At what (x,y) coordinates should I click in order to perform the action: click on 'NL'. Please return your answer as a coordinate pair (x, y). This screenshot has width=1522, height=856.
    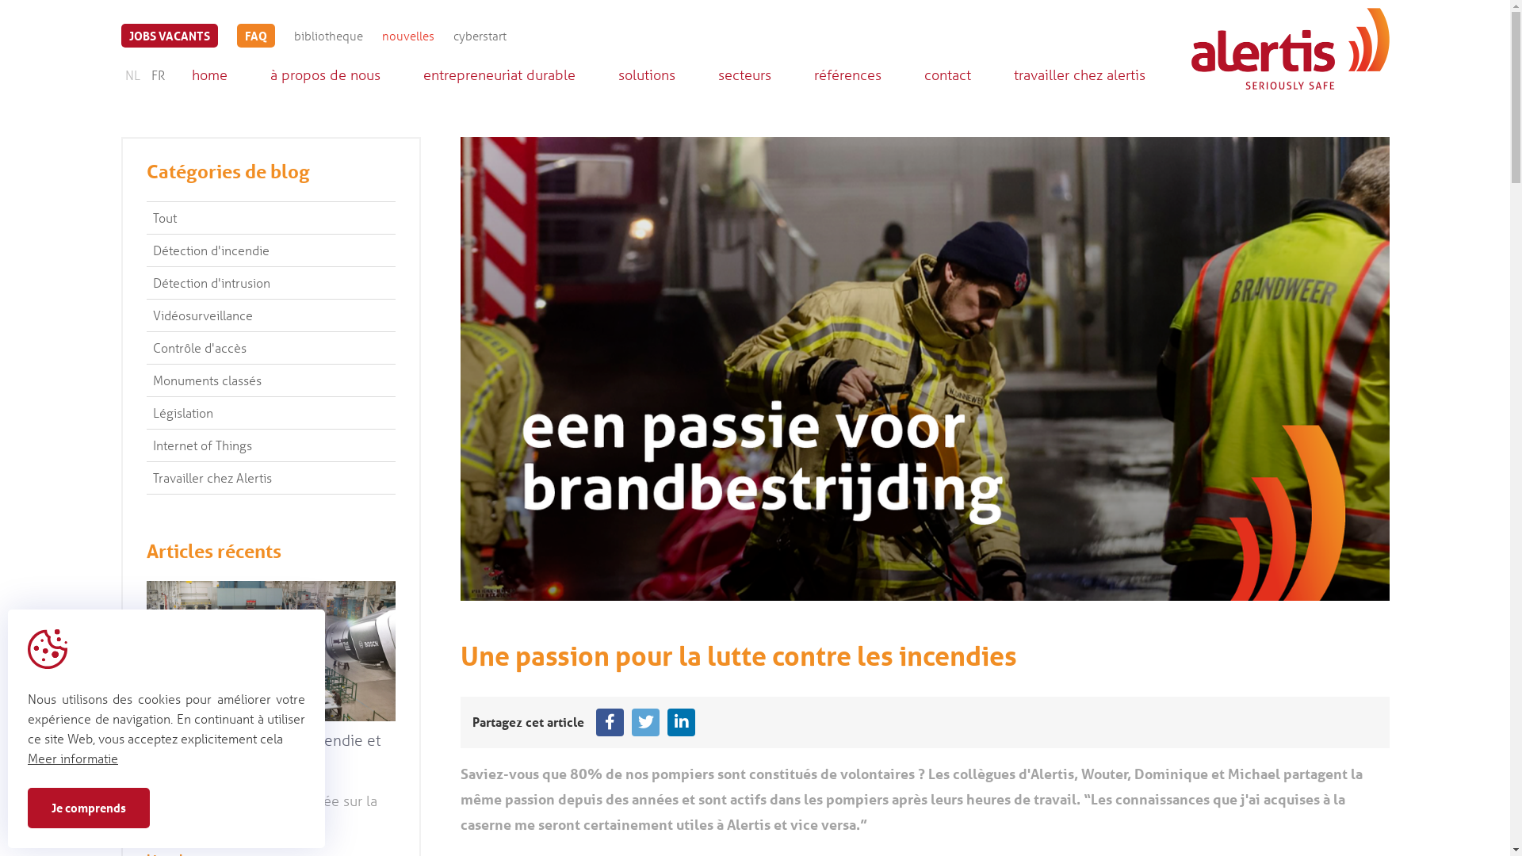
    Looking at the image, I should click on (132, 75).